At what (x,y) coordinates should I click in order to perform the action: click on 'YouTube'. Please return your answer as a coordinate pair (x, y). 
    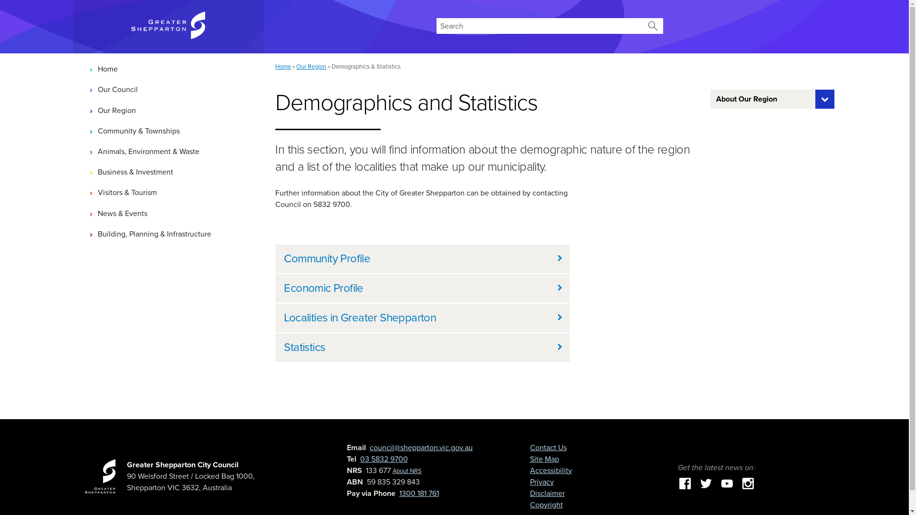
    Looking at the image, I should click on (726, 483).